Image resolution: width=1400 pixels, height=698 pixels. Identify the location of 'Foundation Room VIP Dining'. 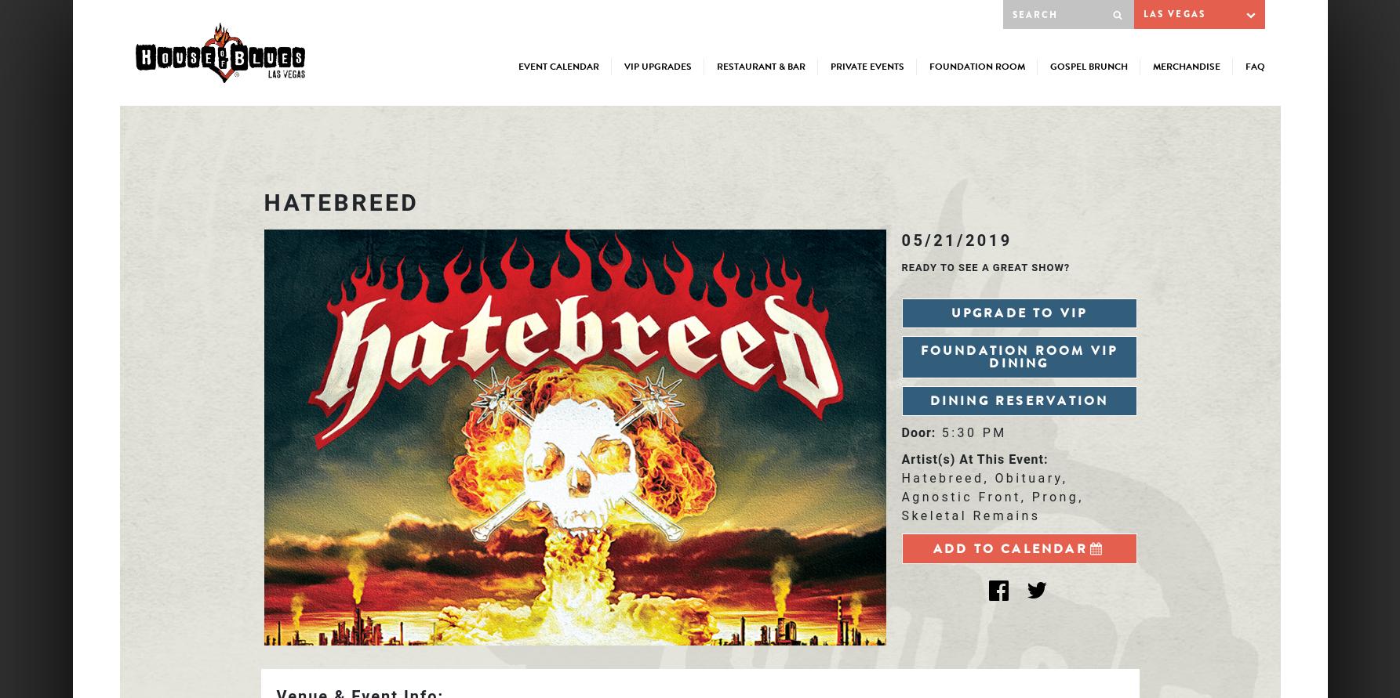
(1018, 356).